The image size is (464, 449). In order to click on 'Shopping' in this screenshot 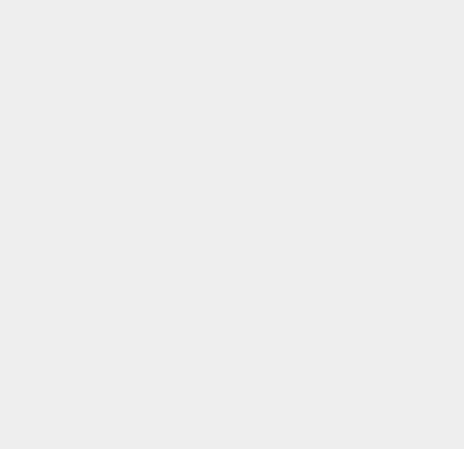, I will do `click(328, 223)`.